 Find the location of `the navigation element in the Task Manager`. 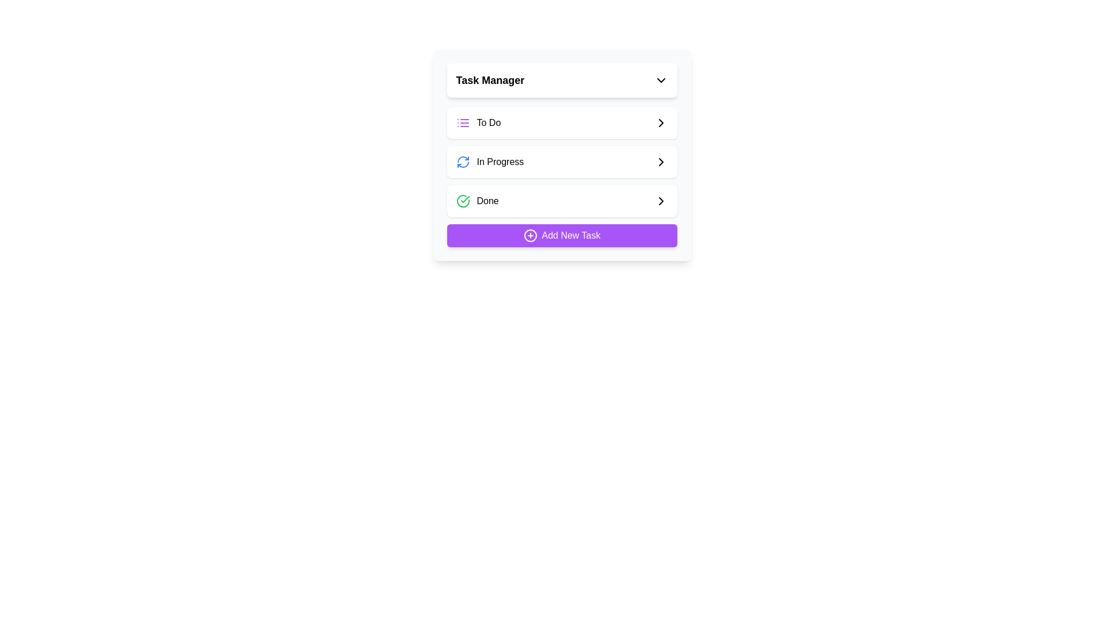

the navigation element in the Task Manager is located at coordinates (562, 177).